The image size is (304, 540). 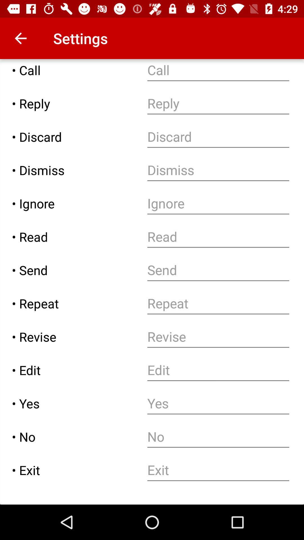 What do you see at coordinates (218, 470) in the screenshot?
I see `exit this screen option` at bounding box center [218, 470].